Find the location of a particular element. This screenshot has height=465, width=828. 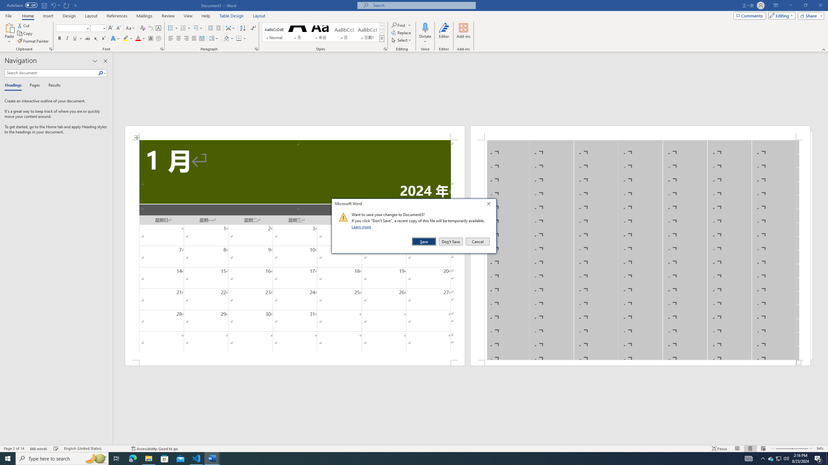

'Copy' is located at coordinates (25, 33).